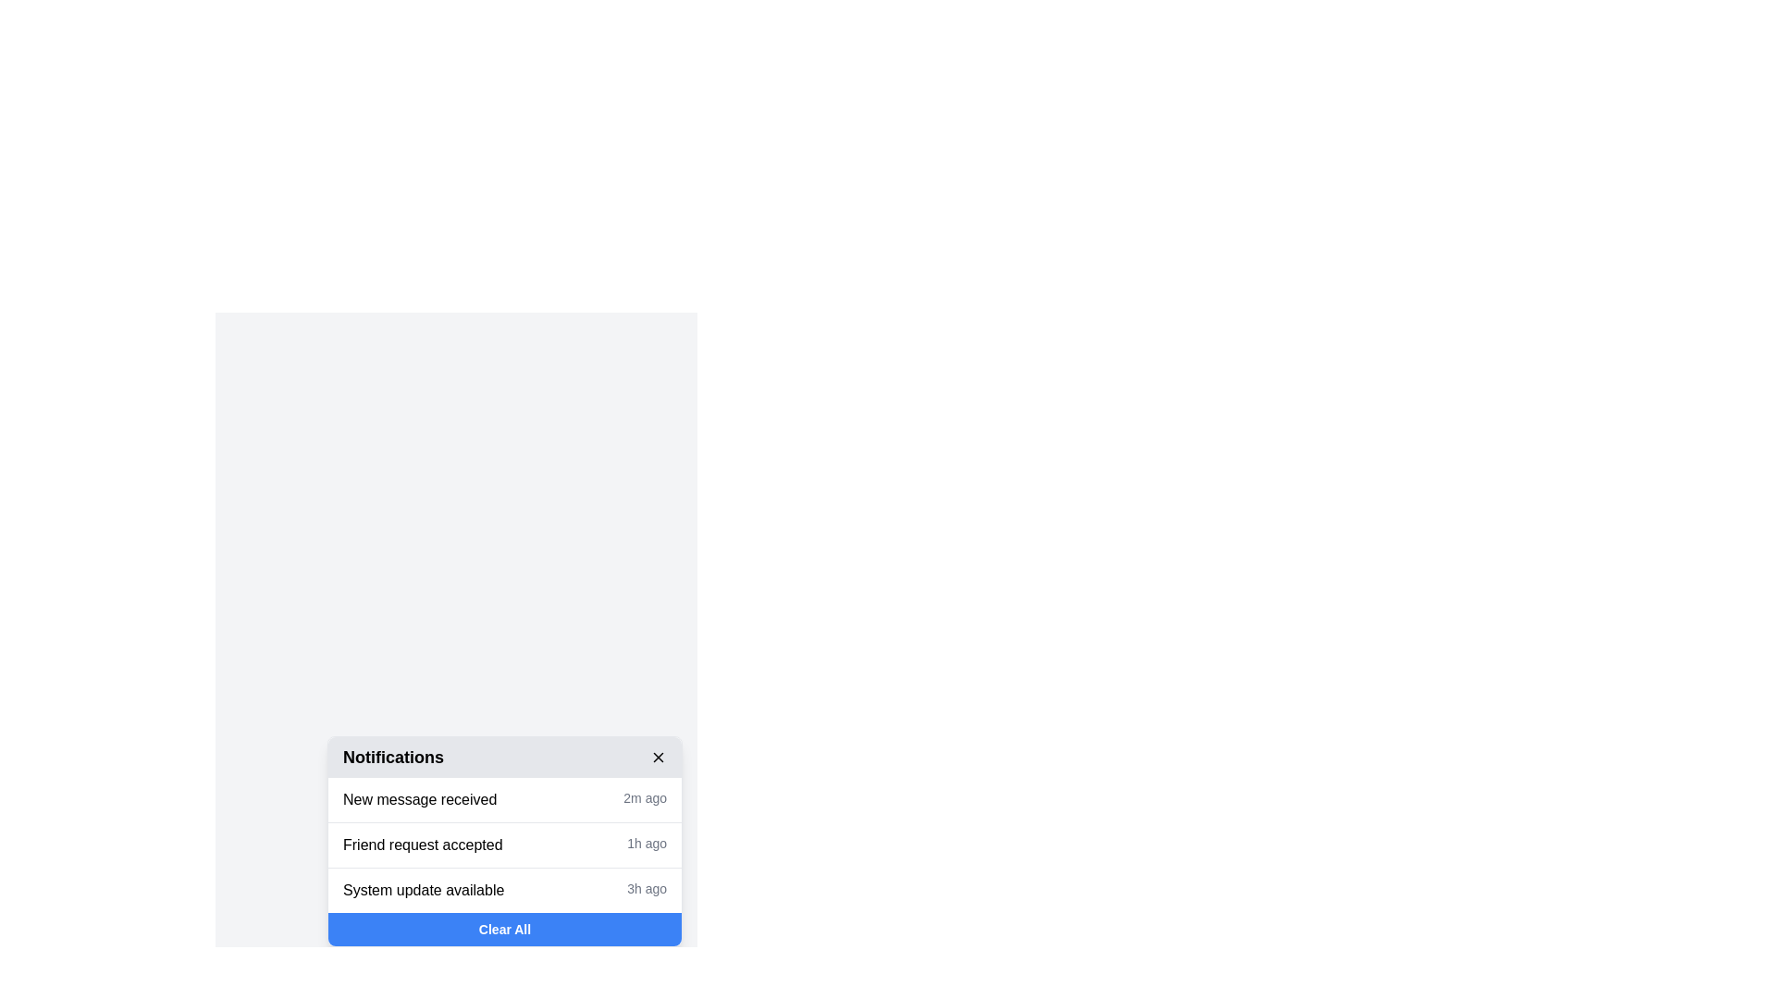 Image resolution: width=1776 pixels, height=999 pixels. I want to click on the close icon segment located in the top-right corner of the 'Notifications' box, so click(658, 757).